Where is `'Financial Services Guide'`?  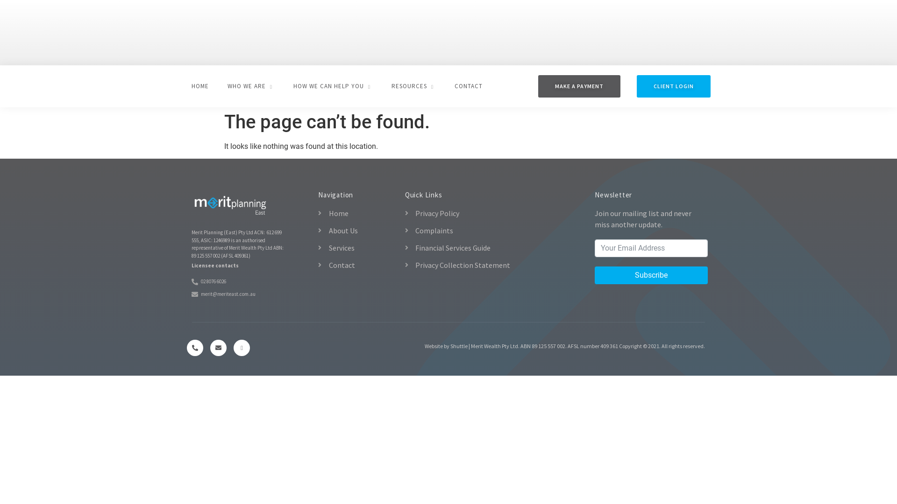
'Financial Services Guide' is located at coordinates (488, 247).